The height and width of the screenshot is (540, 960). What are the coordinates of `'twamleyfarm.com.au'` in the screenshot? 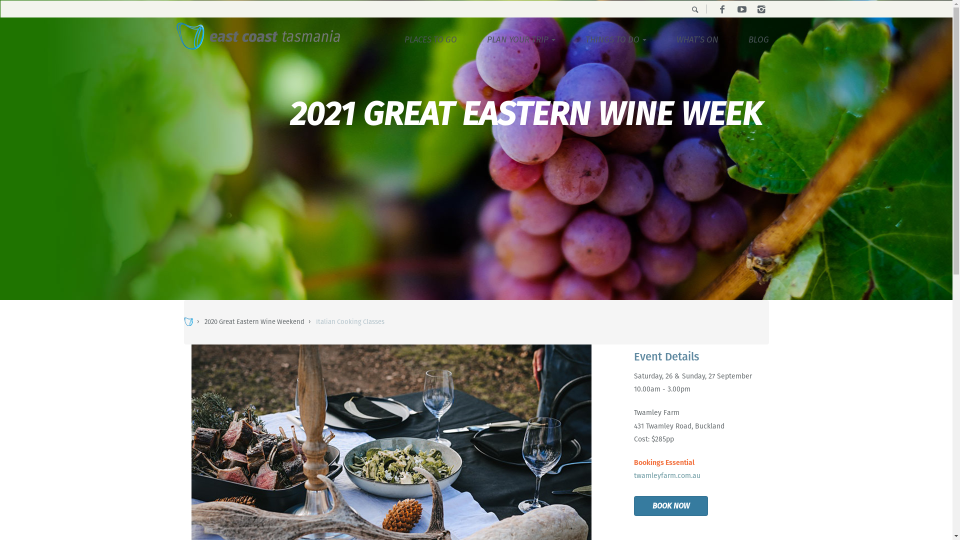 It's located at (633, 475).